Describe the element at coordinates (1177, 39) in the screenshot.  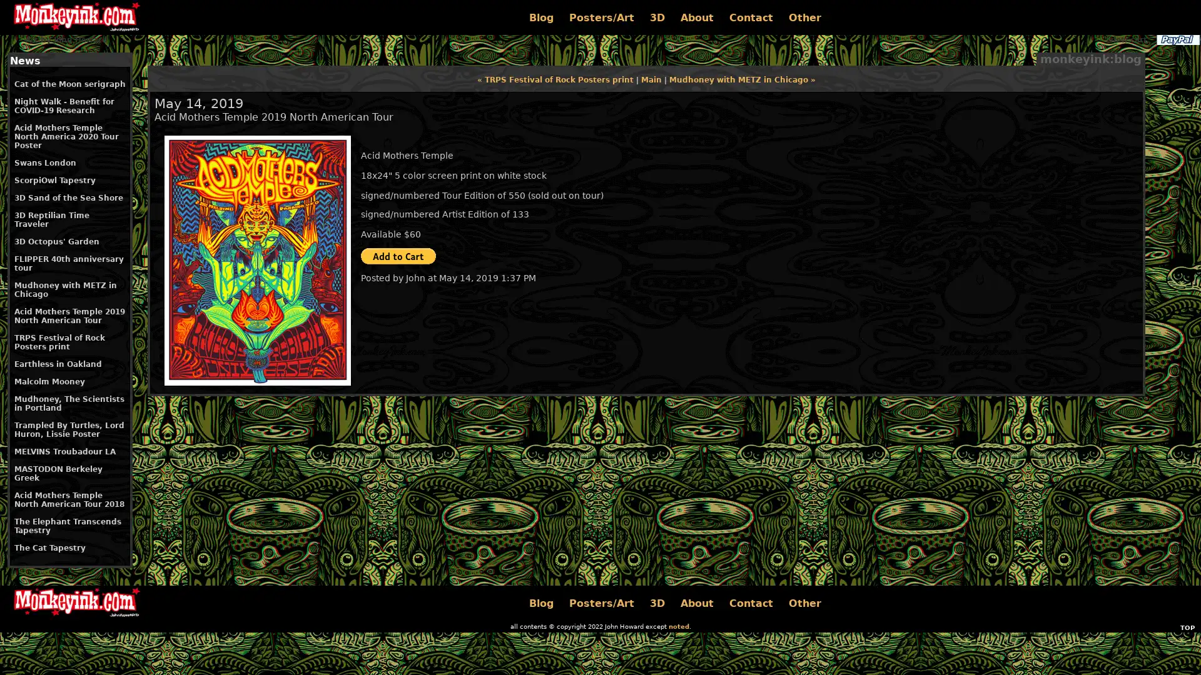
I see `PayPal` at that location.